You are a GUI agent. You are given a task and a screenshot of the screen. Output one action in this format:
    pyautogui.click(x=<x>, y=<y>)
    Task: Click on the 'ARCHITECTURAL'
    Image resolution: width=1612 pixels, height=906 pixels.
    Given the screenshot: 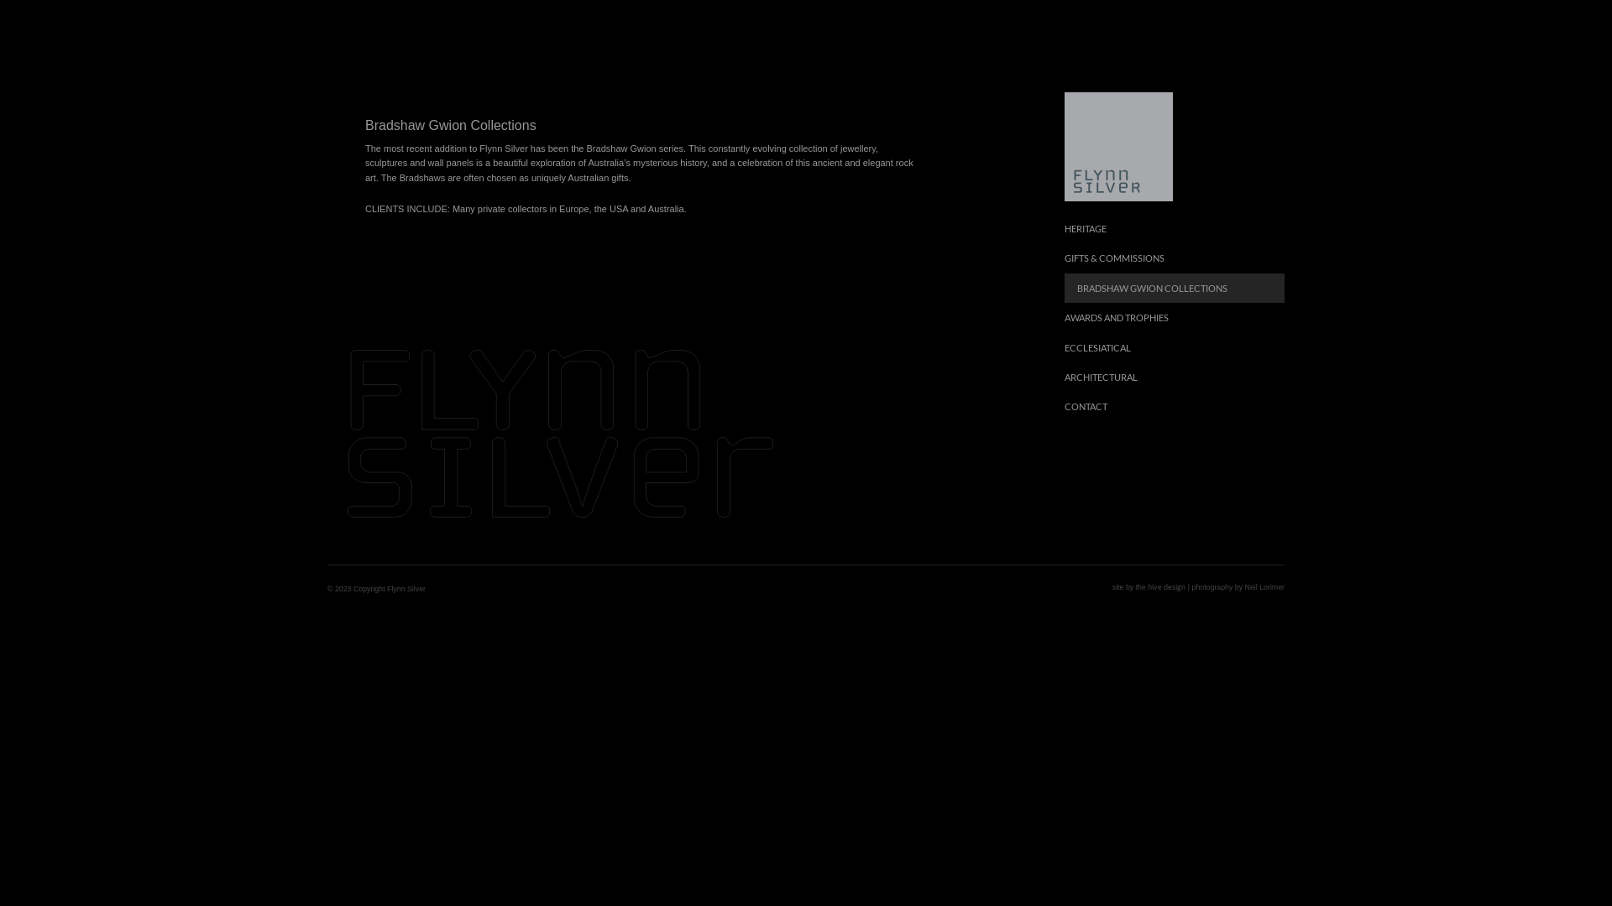 What is the action you would take?
    pyautogui.click(x=1174, y=376)
    